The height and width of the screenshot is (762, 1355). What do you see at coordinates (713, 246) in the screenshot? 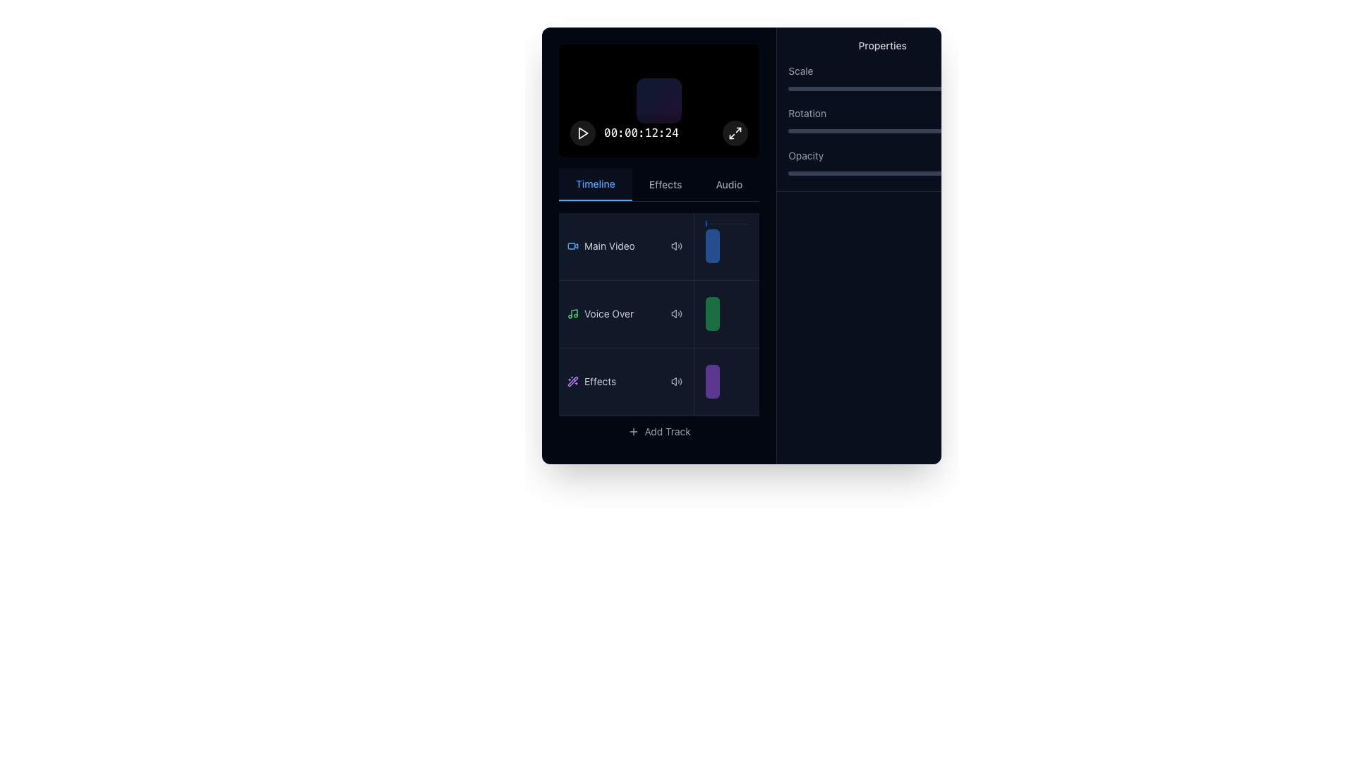
I see `the blue Draggable component located in the 'Timeline' panel, aligned with the 'Main Video' row` at bounding box center [713, 246].